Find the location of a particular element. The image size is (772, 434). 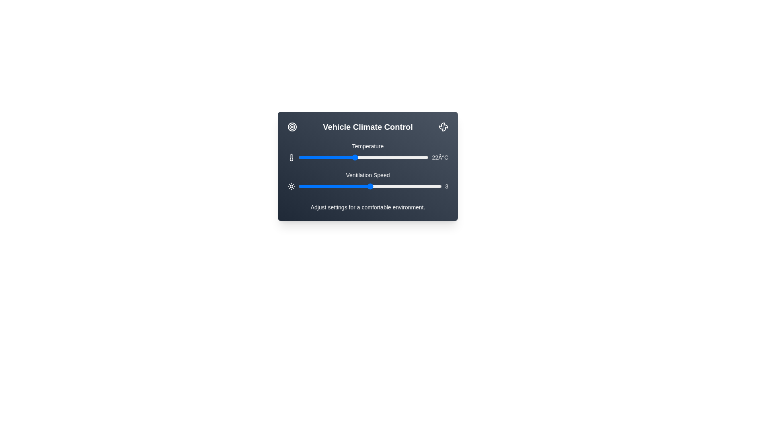

the temperature slider to 16 degrees Celsius is located at coordinates (298, 158).